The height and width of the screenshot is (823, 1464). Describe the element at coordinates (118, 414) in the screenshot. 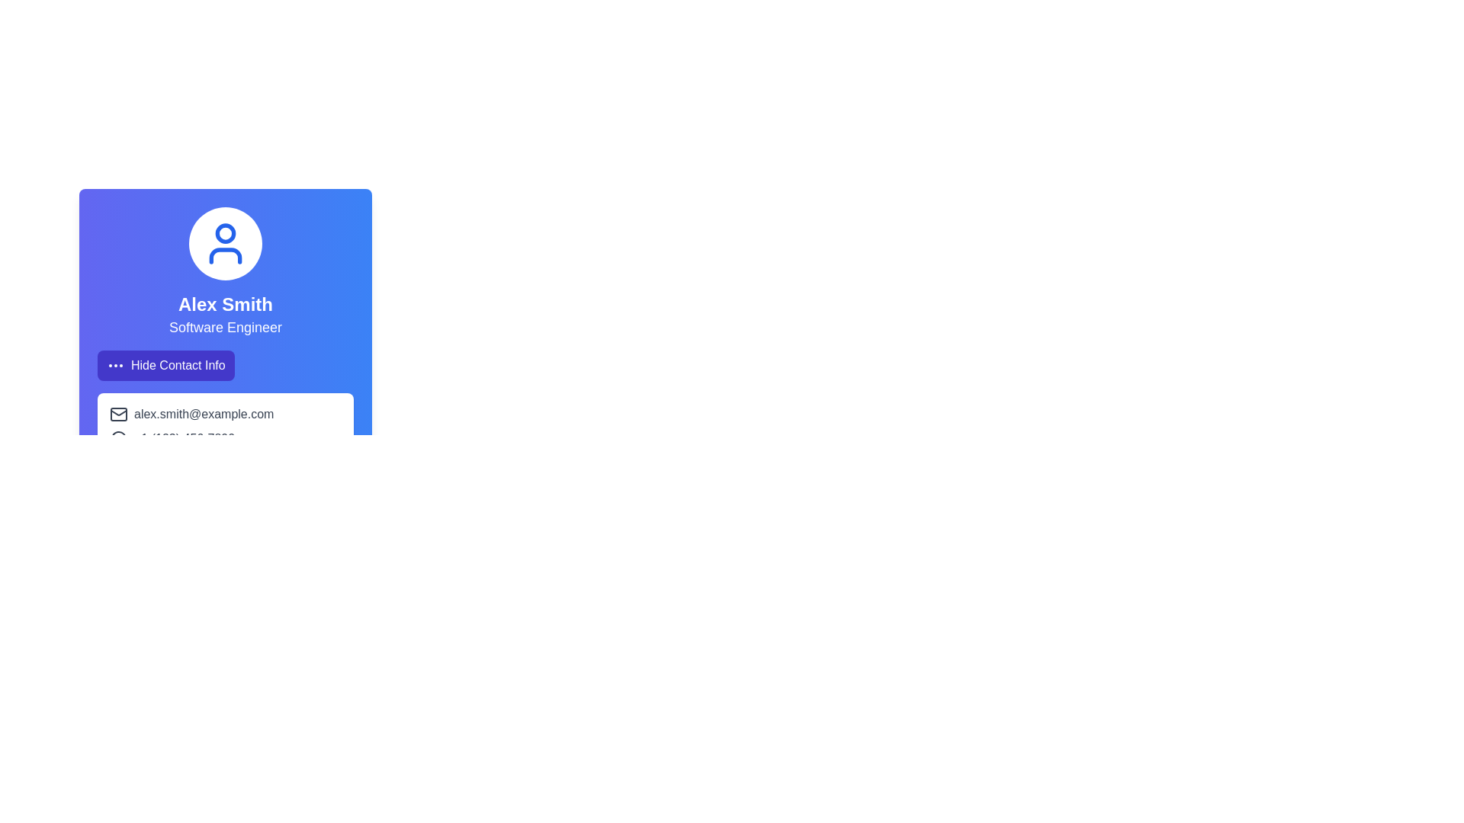

I see `the envelope icon that represents email, styled with a black stroke and a white background, located beside the email address 'alex.smith@example.com'` at that location.